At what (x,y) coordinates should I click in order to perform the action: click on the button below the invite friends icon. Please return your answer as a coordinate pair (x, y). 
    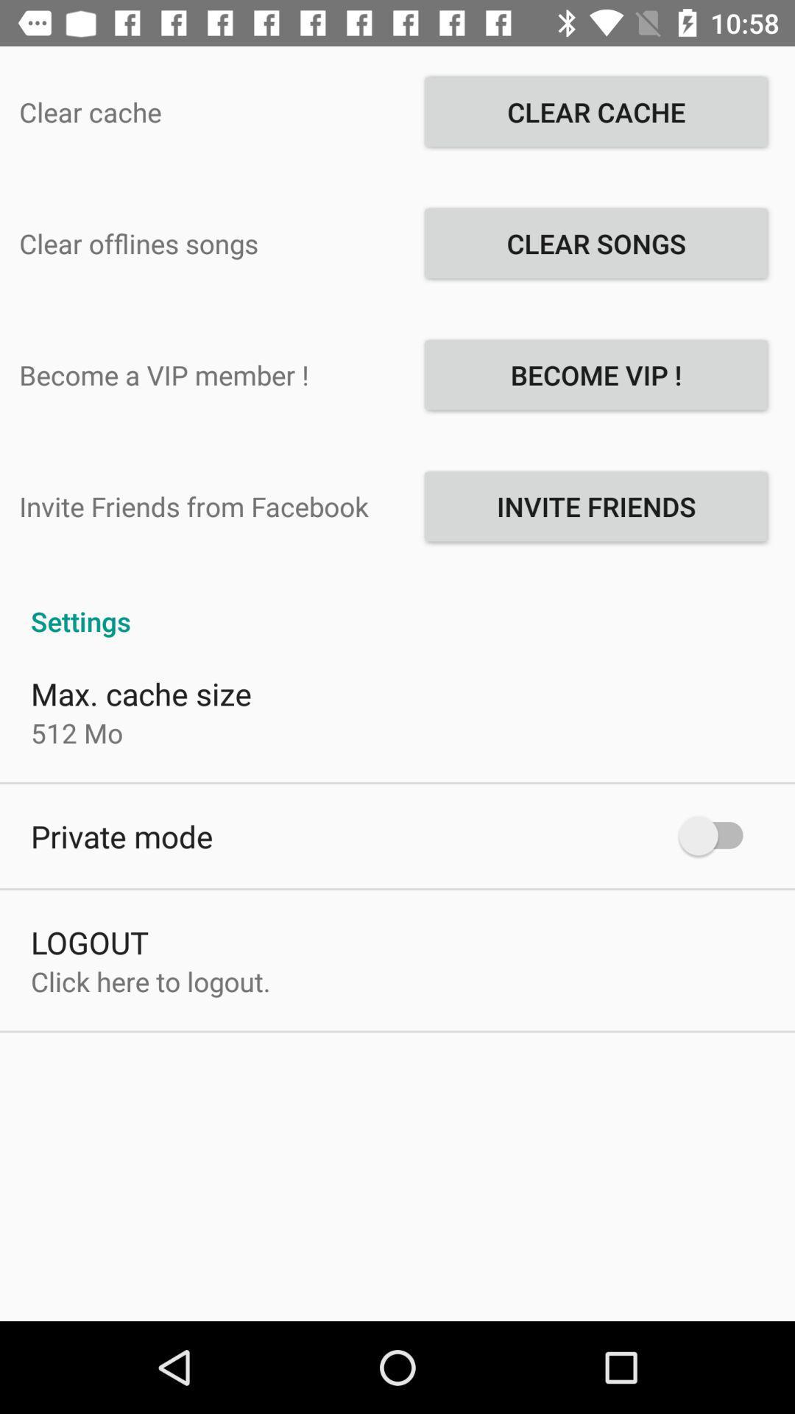
    Looking at the image, I should click on (397, 605).